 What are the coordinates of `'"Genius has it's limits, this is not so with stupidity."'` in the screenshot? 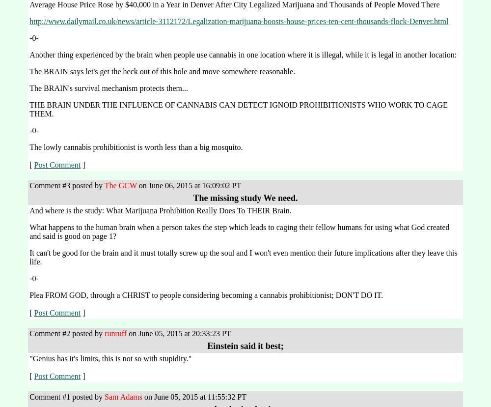 It's located at (110, 358).